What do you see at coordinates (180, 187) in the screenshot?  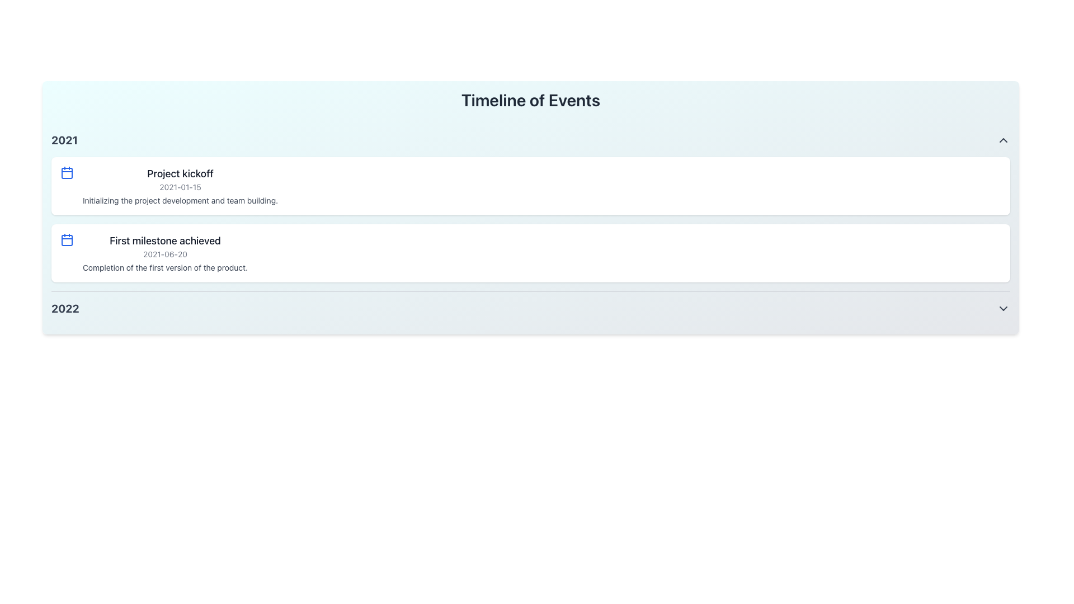 I see `date label displaying '2021-01-15', which is styled in a smaller, gray-colored font and located in the center of the first timeline card for the year 2021` at bounding box center [180, 187].